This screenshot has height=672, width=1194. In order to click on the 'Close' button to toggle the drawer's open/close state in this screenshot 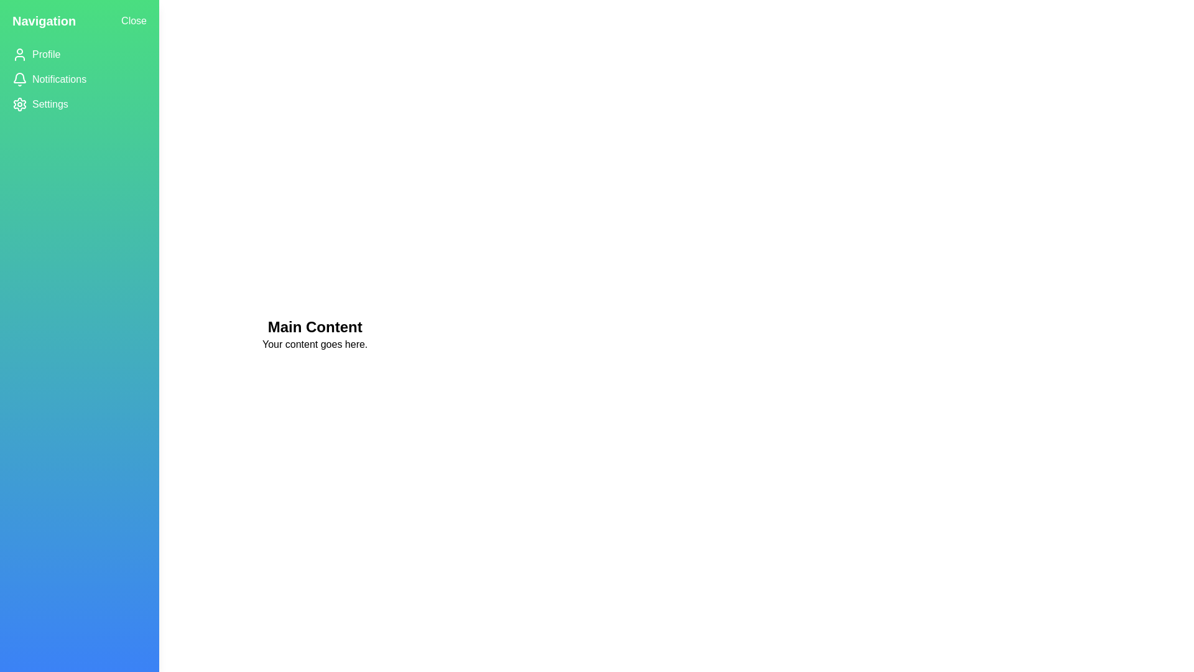, I will do `click(134, 21)`.